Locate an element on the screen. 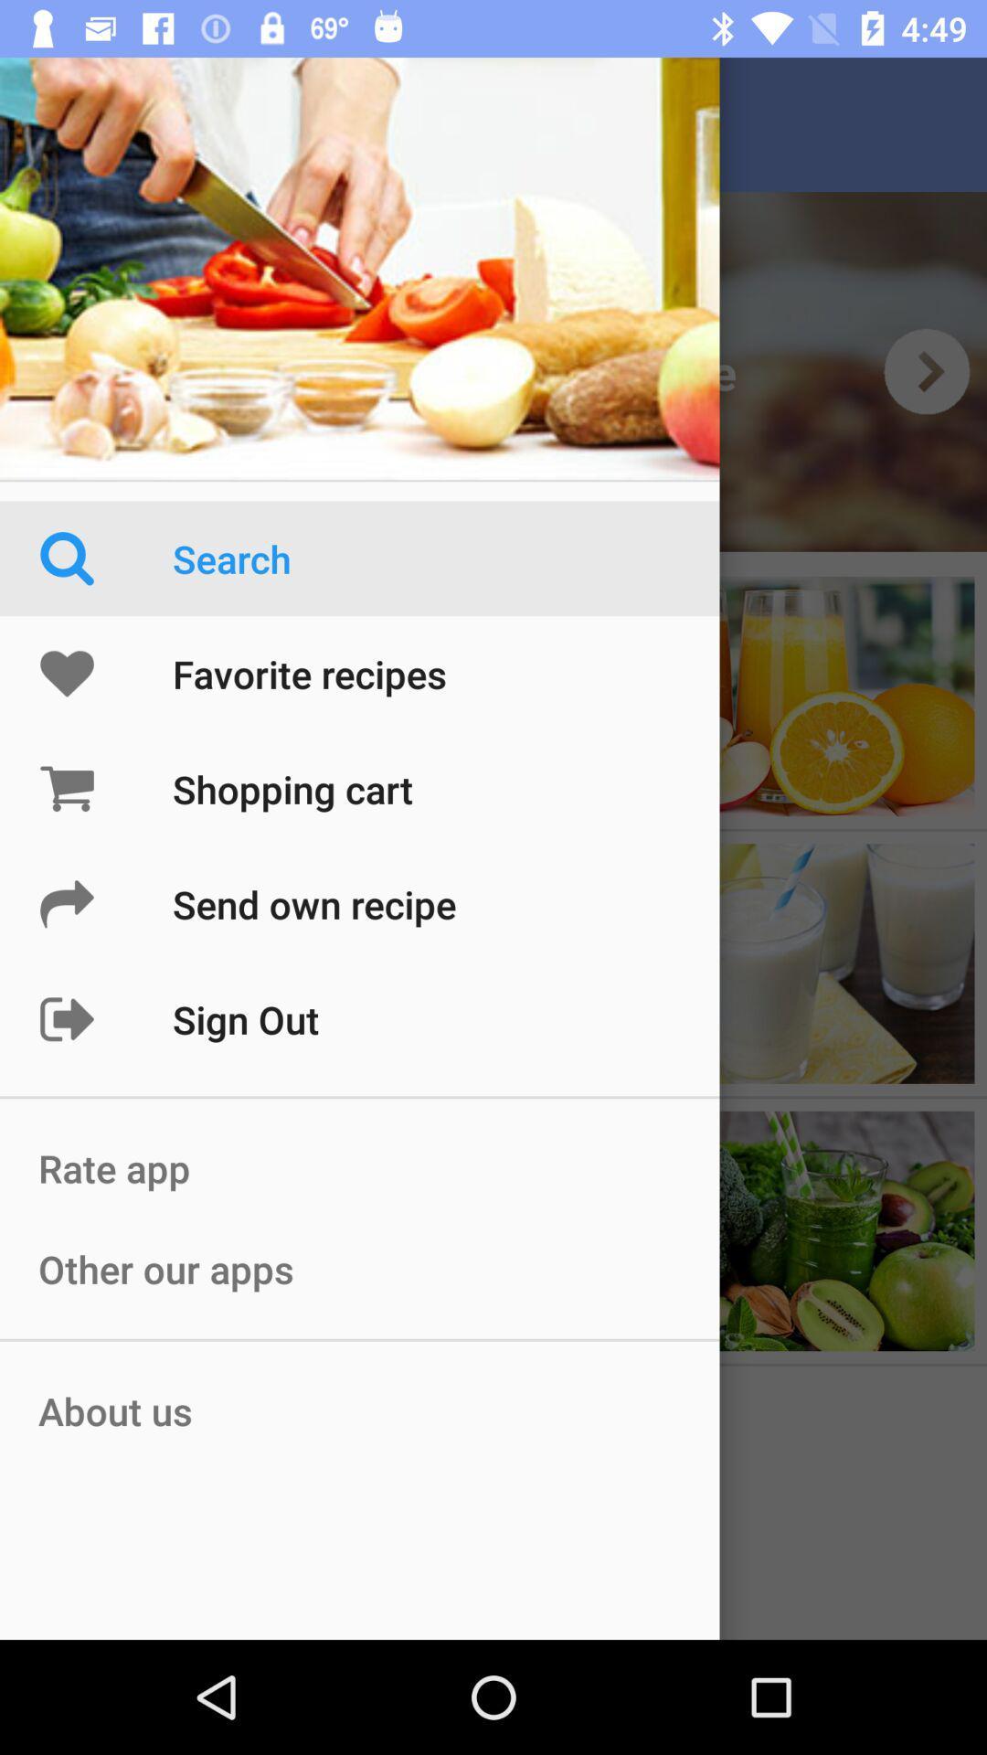 Image resolution: width=987 pixels, height=1755 pixels. the visibility icon is located at coordinates (927, 370).